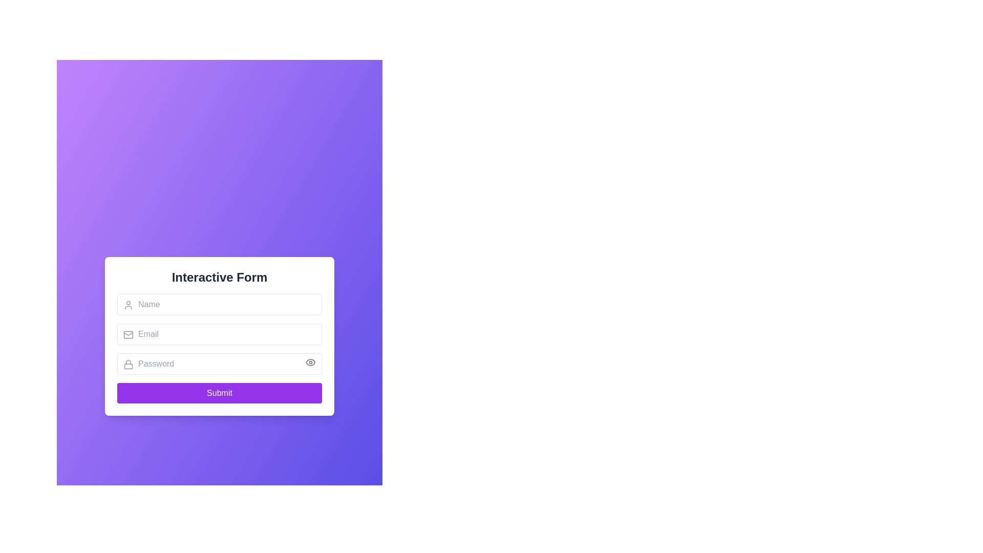 The height and width of the screenshot is (553, 983). What do you see at coordinates (219, 392) in the screenshot?
I see `the 'Submit' button with a purple background and white text` at bounding box center [219, 392].